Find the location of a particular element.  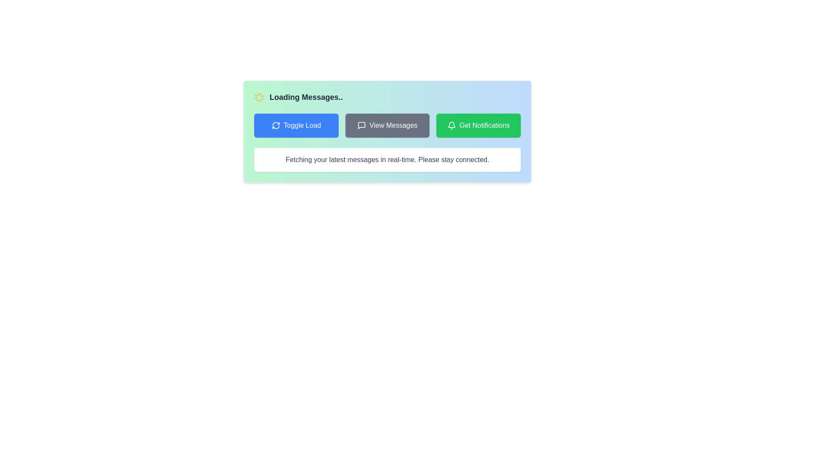

the visual representation icon for the 'Get Notifications' button, located at the rightmost position of the button row is located at coordinates (451, 126).